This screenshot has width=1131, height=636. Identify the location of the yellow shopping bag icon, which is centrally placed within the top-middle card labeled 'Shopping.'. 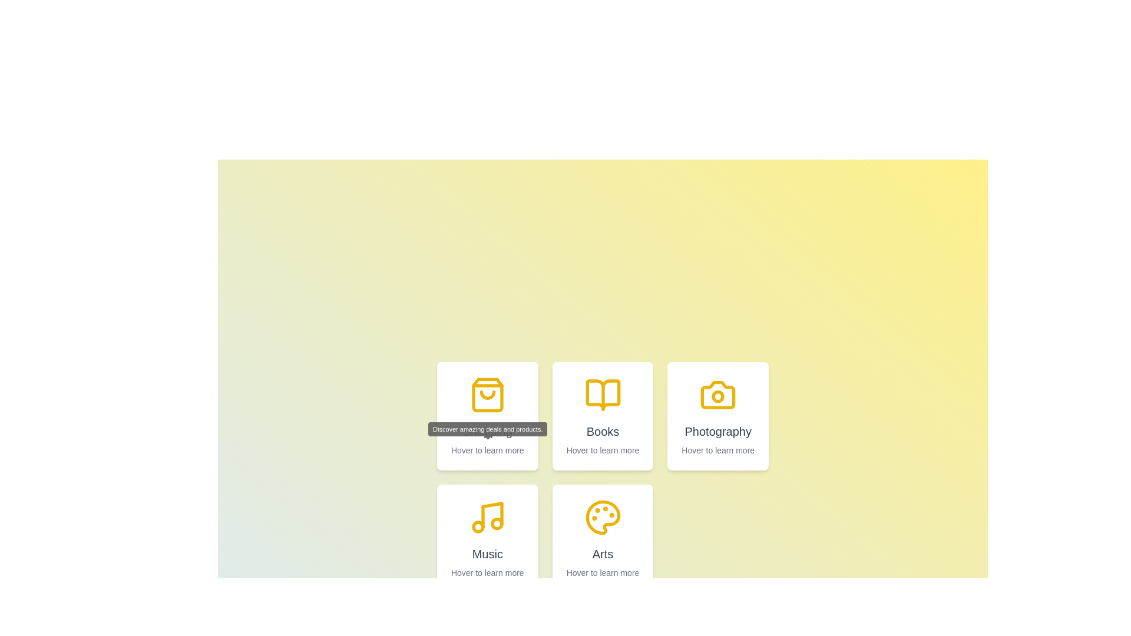
(487, 395).